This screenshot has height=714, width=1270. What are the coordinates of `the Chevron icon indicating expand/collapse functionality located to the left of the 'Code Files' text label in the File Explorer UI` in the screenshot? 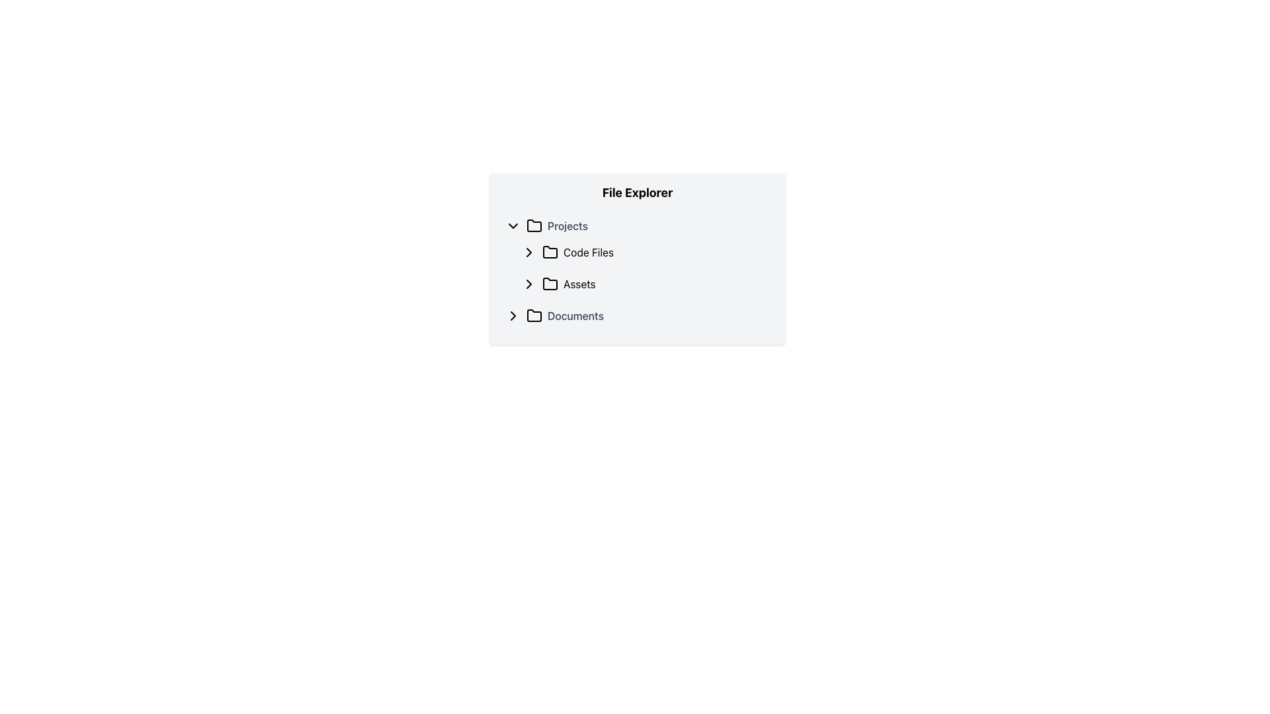 It's located at (513, 316).